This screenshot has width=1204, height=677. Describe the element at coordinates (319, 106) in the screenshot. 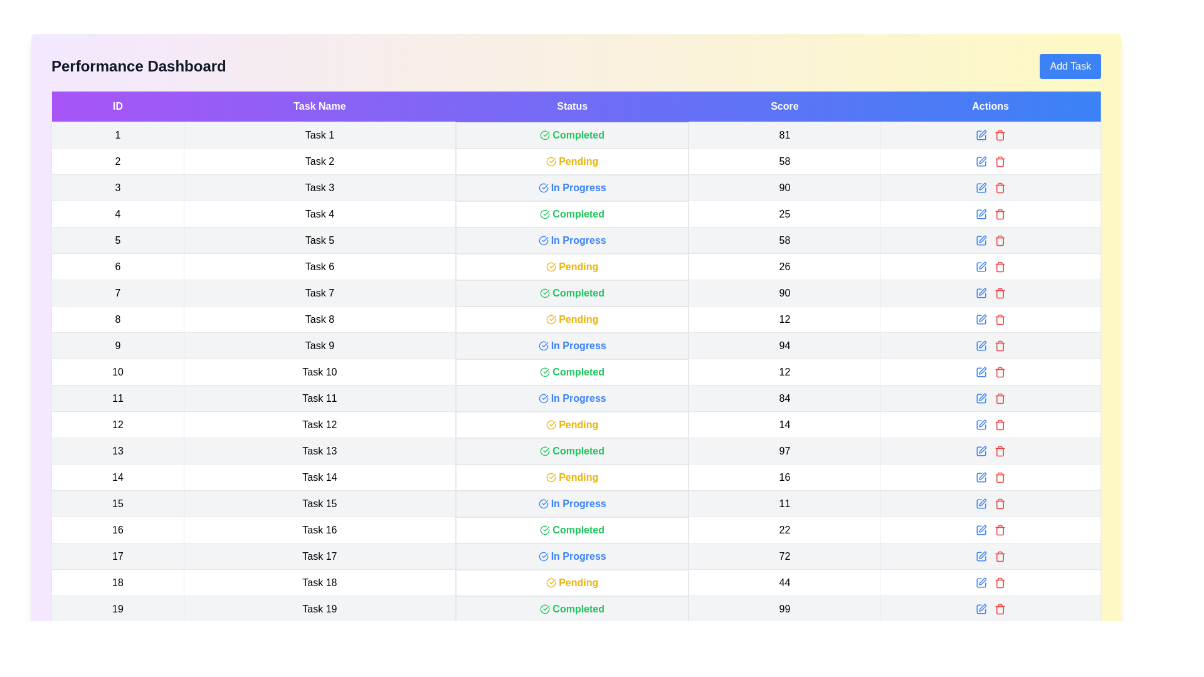

I see `the column header to sort the table by Task Name` at that location.